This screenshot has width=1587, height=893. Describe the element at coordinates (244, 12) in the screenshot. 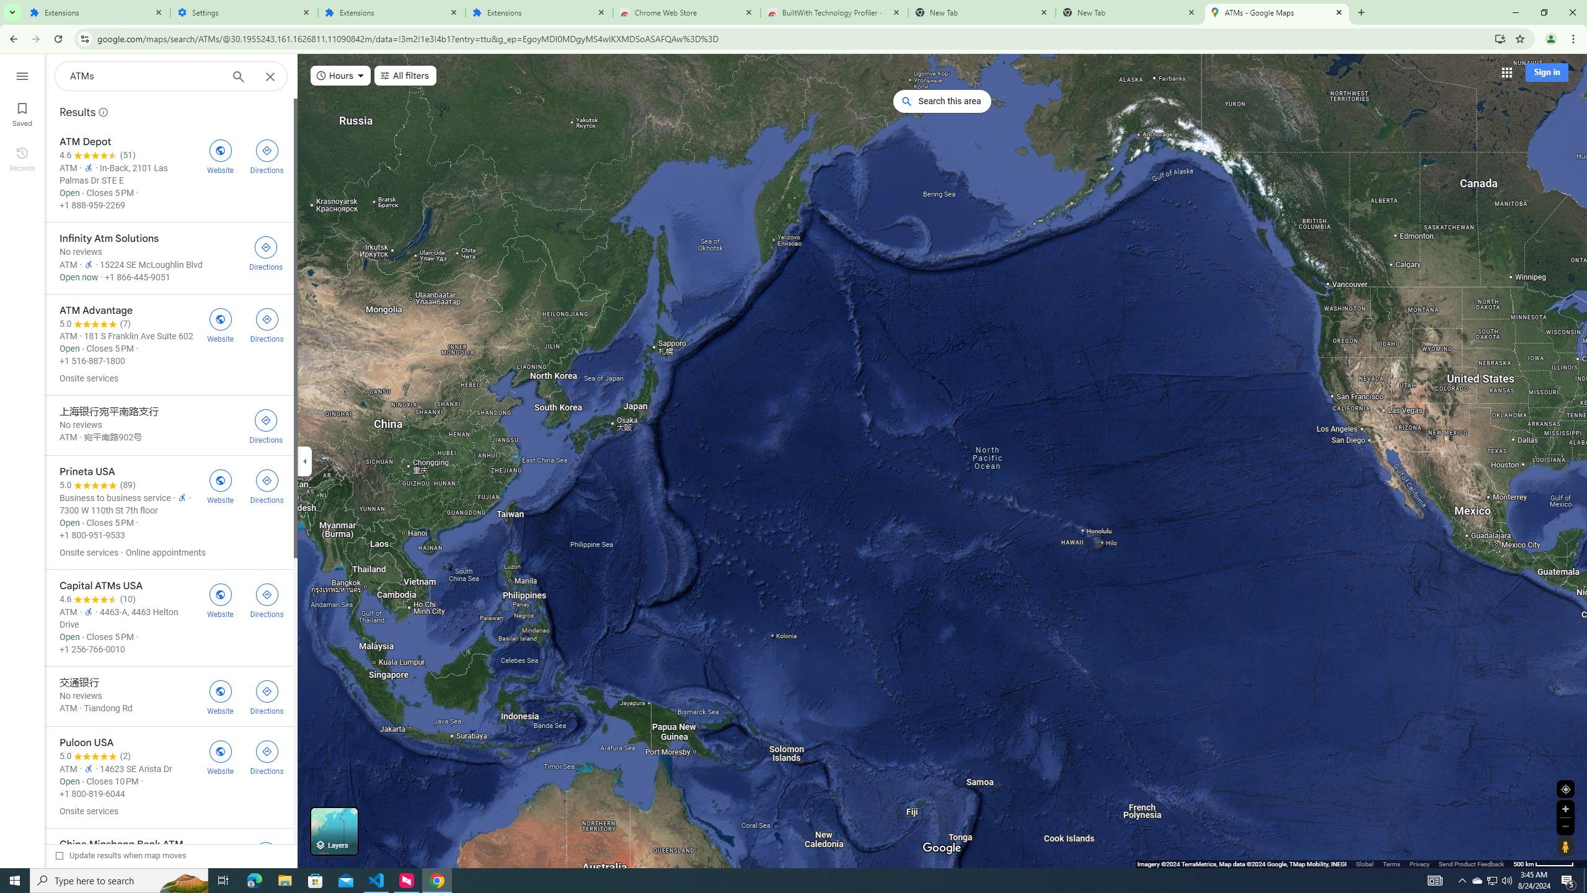

I see `'Settings'` at that location.